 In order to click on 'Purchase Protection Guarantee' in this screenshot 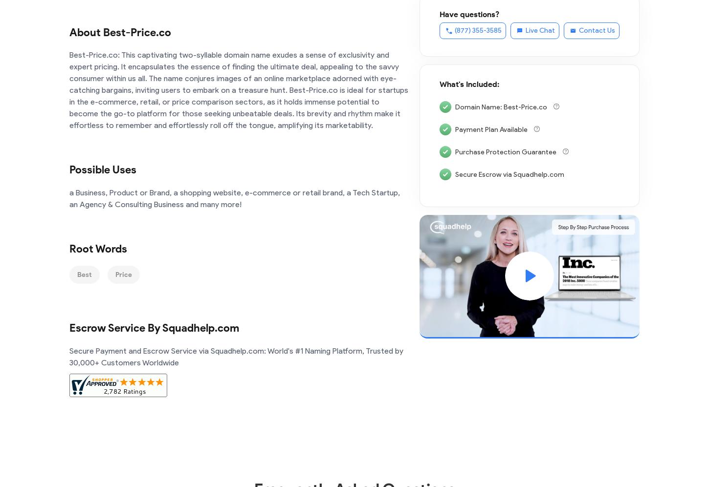, I will do `click(507, 151)`.